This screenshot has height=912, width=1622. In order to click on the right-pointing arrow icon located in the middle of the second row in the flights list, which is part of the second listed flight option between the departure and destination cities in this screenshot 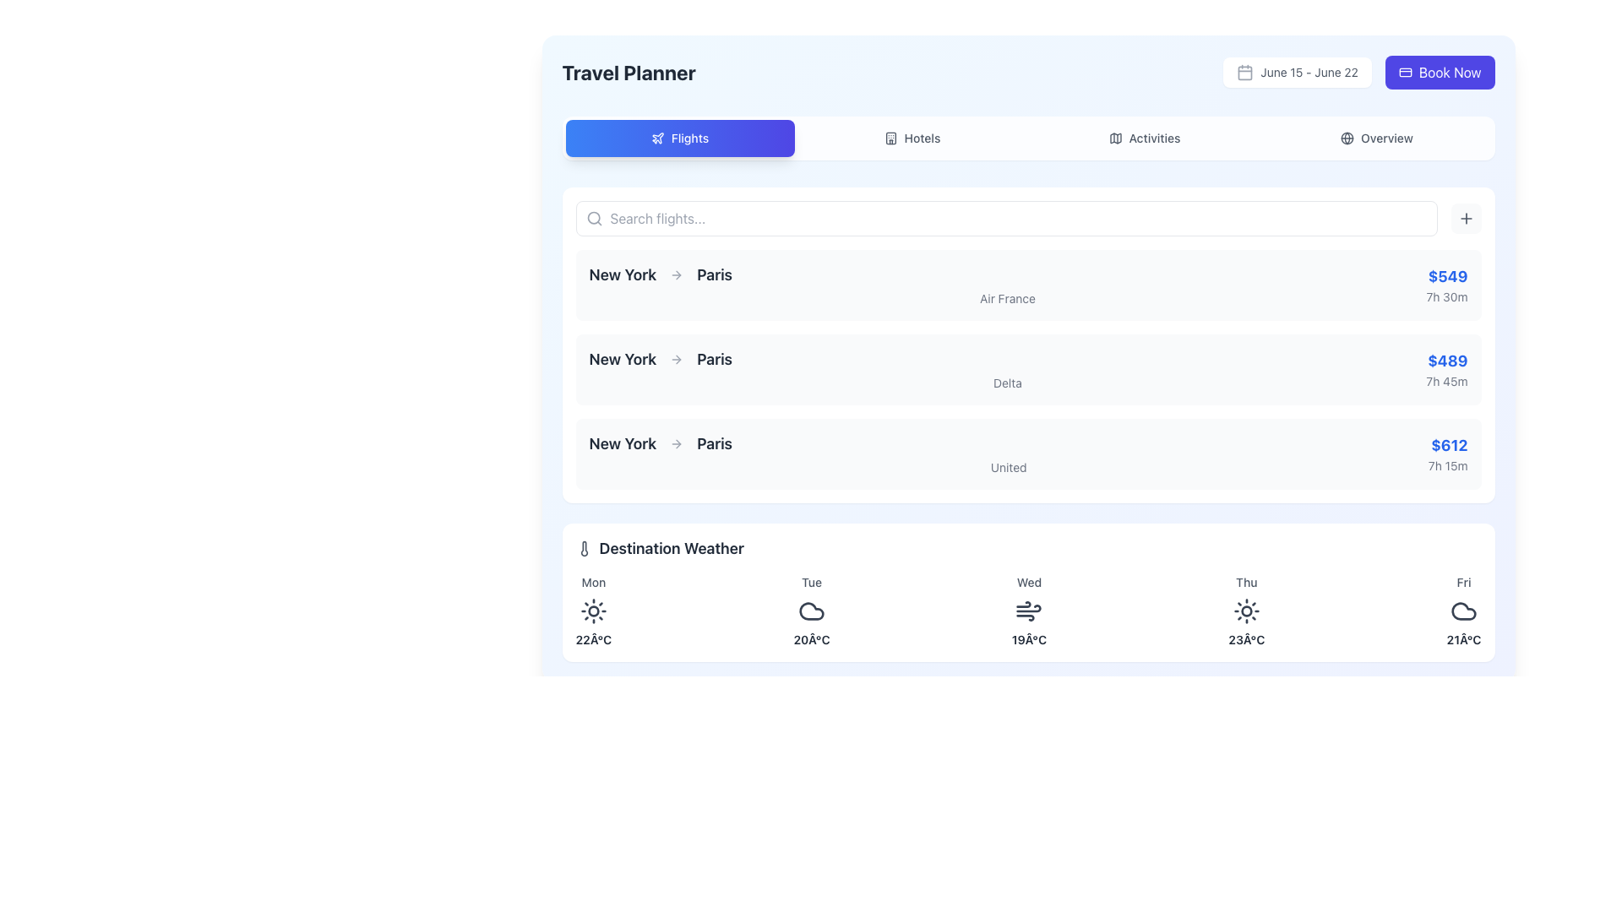, I will do `click(678, 358)`.